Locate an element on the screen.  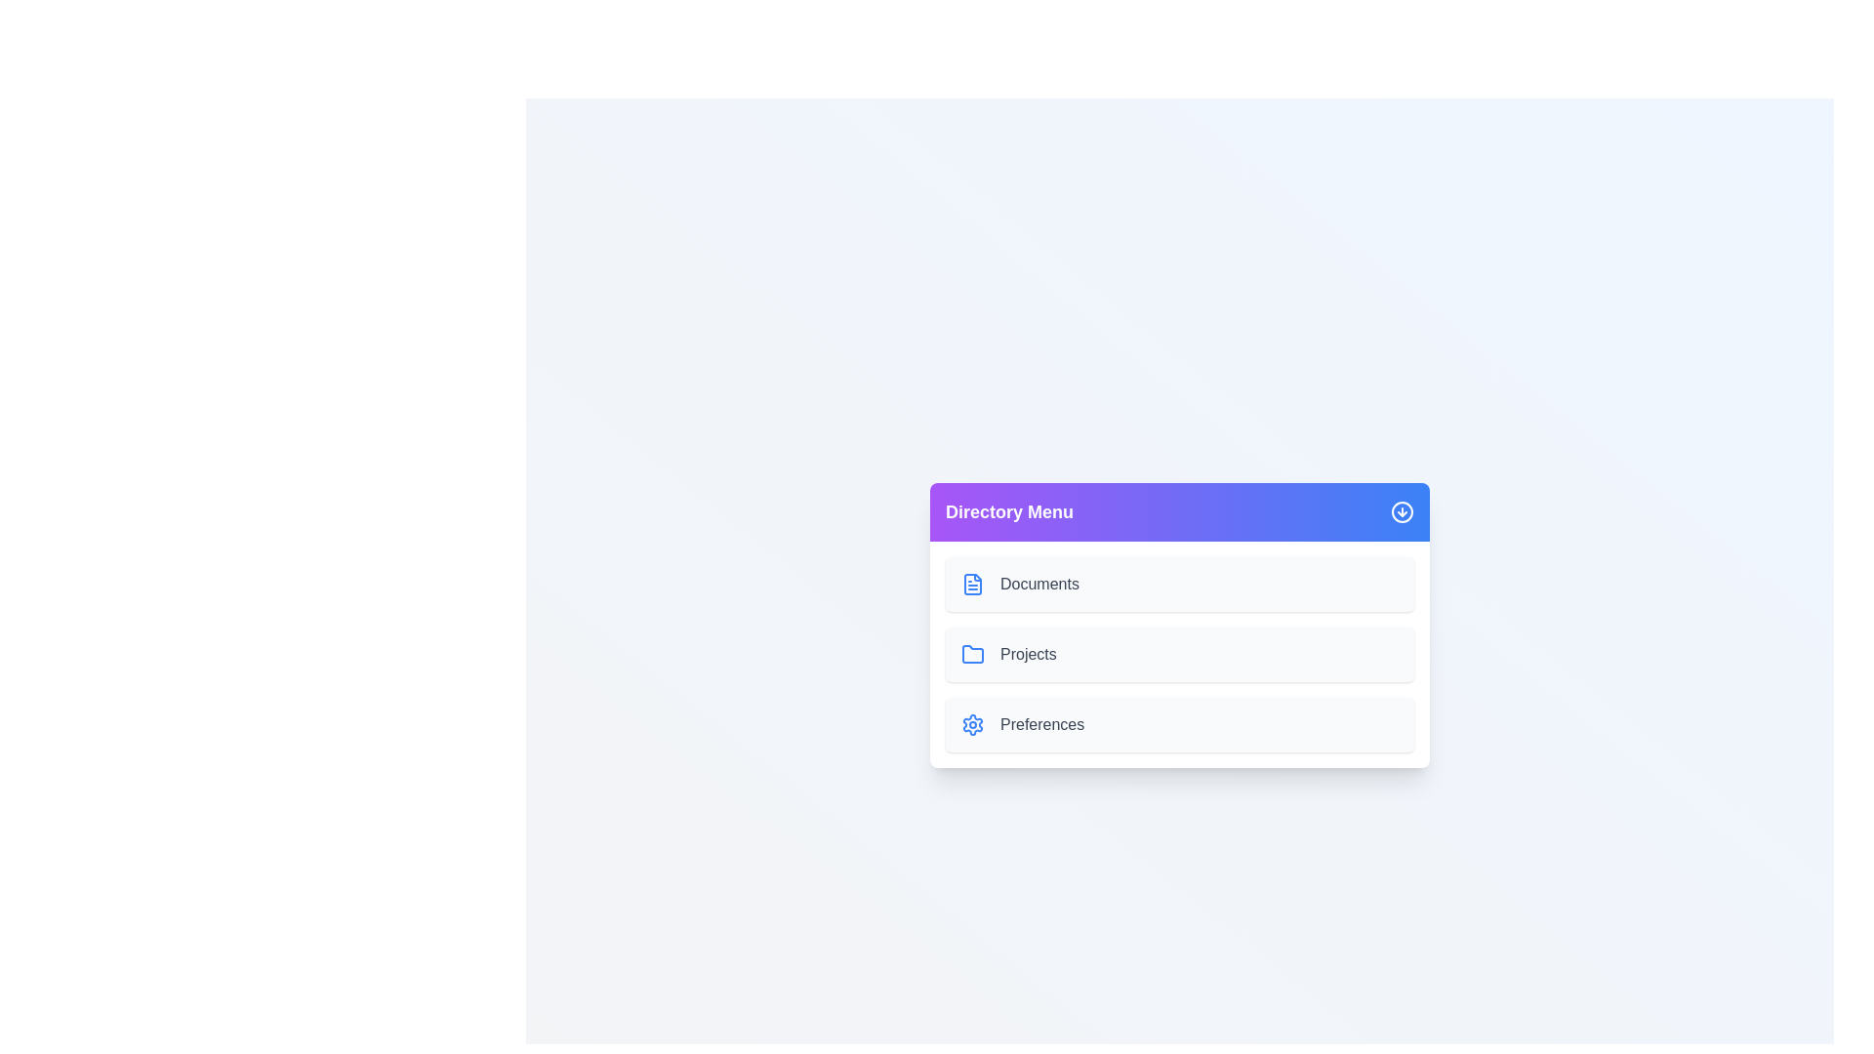
the 'Projects' item in the directory menu is located at coordinates (1179, 655).